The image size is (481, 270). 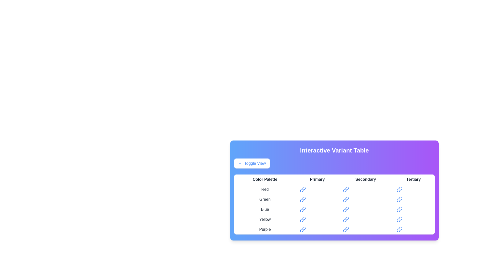 What do you see at coordinates (265, 189) in the screenshot?
I see `the text label that displays the word 'Red', located in the 'Color Palette' column of the table` at bounding box center [265, 189].